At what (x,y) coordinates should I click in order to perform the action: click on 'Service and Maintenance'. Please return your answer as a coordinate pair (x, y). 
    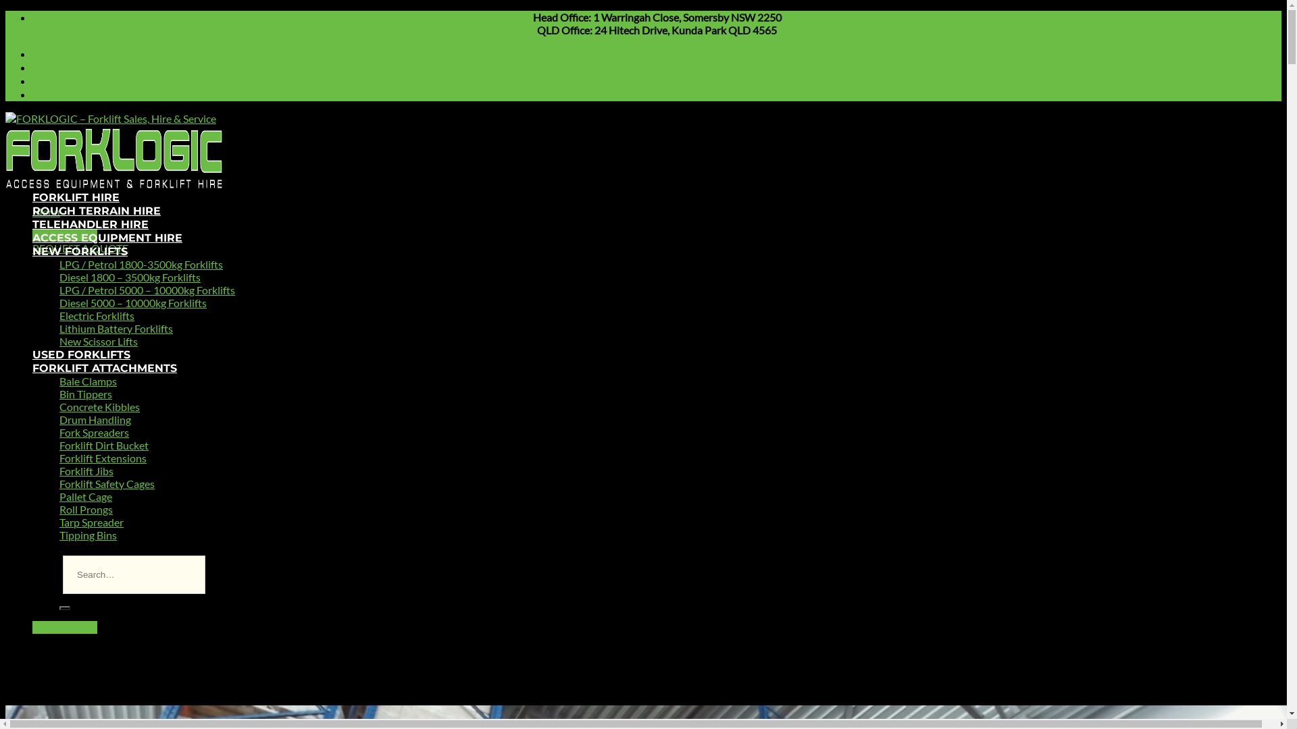
    Looking at the image, I should click on (32, 81).